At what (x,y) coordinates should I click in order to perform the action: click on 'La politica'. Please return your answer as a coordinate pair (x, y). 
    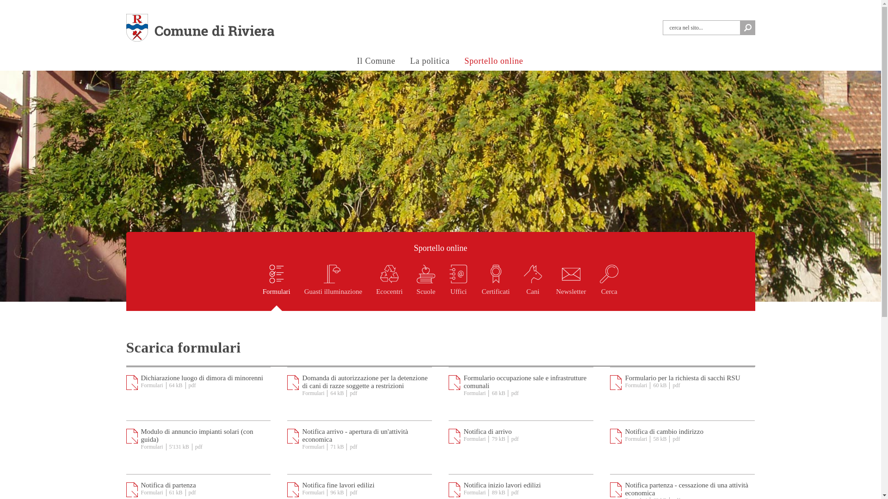
    Looking at the image, I should click on (429, 61).